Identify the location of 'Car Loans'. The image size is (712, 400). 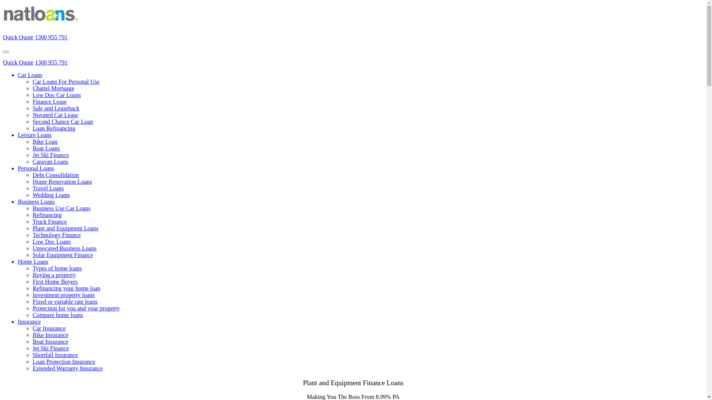
(30, 75).